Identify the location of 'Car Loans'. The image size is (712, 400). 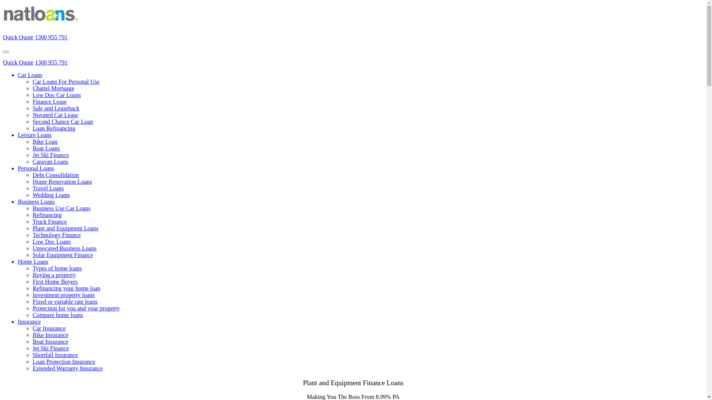
(30, 75).